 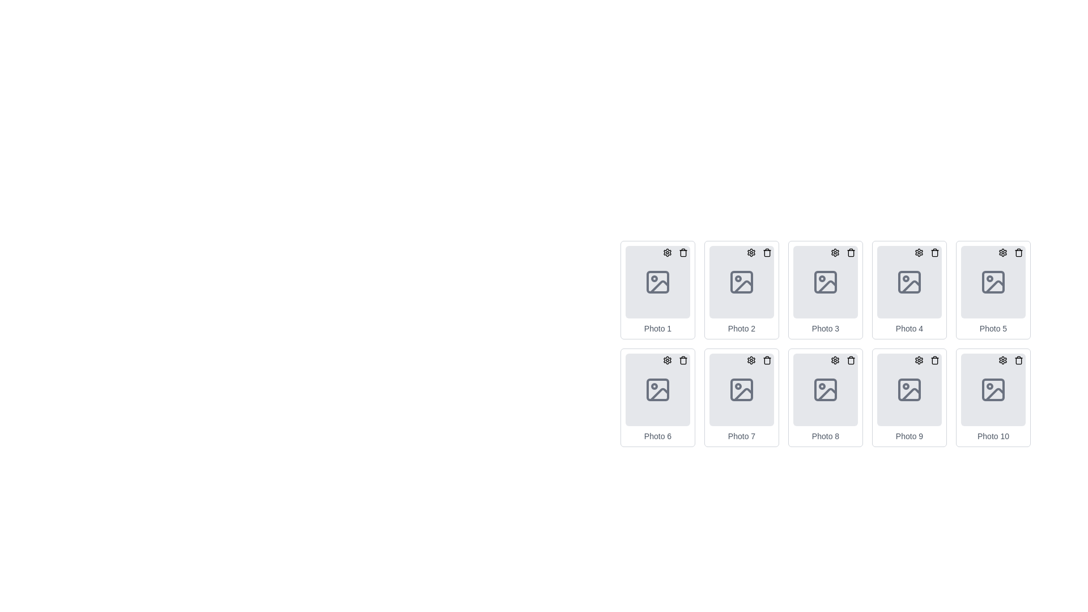 What do you see at coordinates (992, 436) in the screenshot?
I see `the text label or caption located at the bottom center of the tenth photo placeholder, which identifies or describes the corresponding image` at bounding box center [992, 436].